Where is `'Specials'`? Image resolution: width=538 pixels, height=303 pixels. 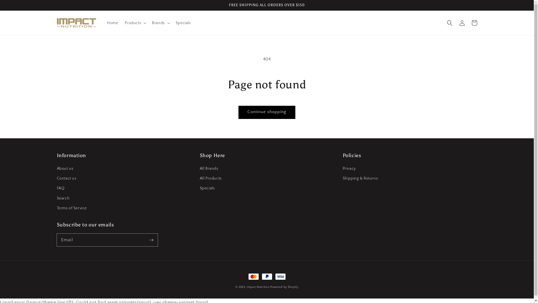 'Specials' is located at coordinates (183, 22).